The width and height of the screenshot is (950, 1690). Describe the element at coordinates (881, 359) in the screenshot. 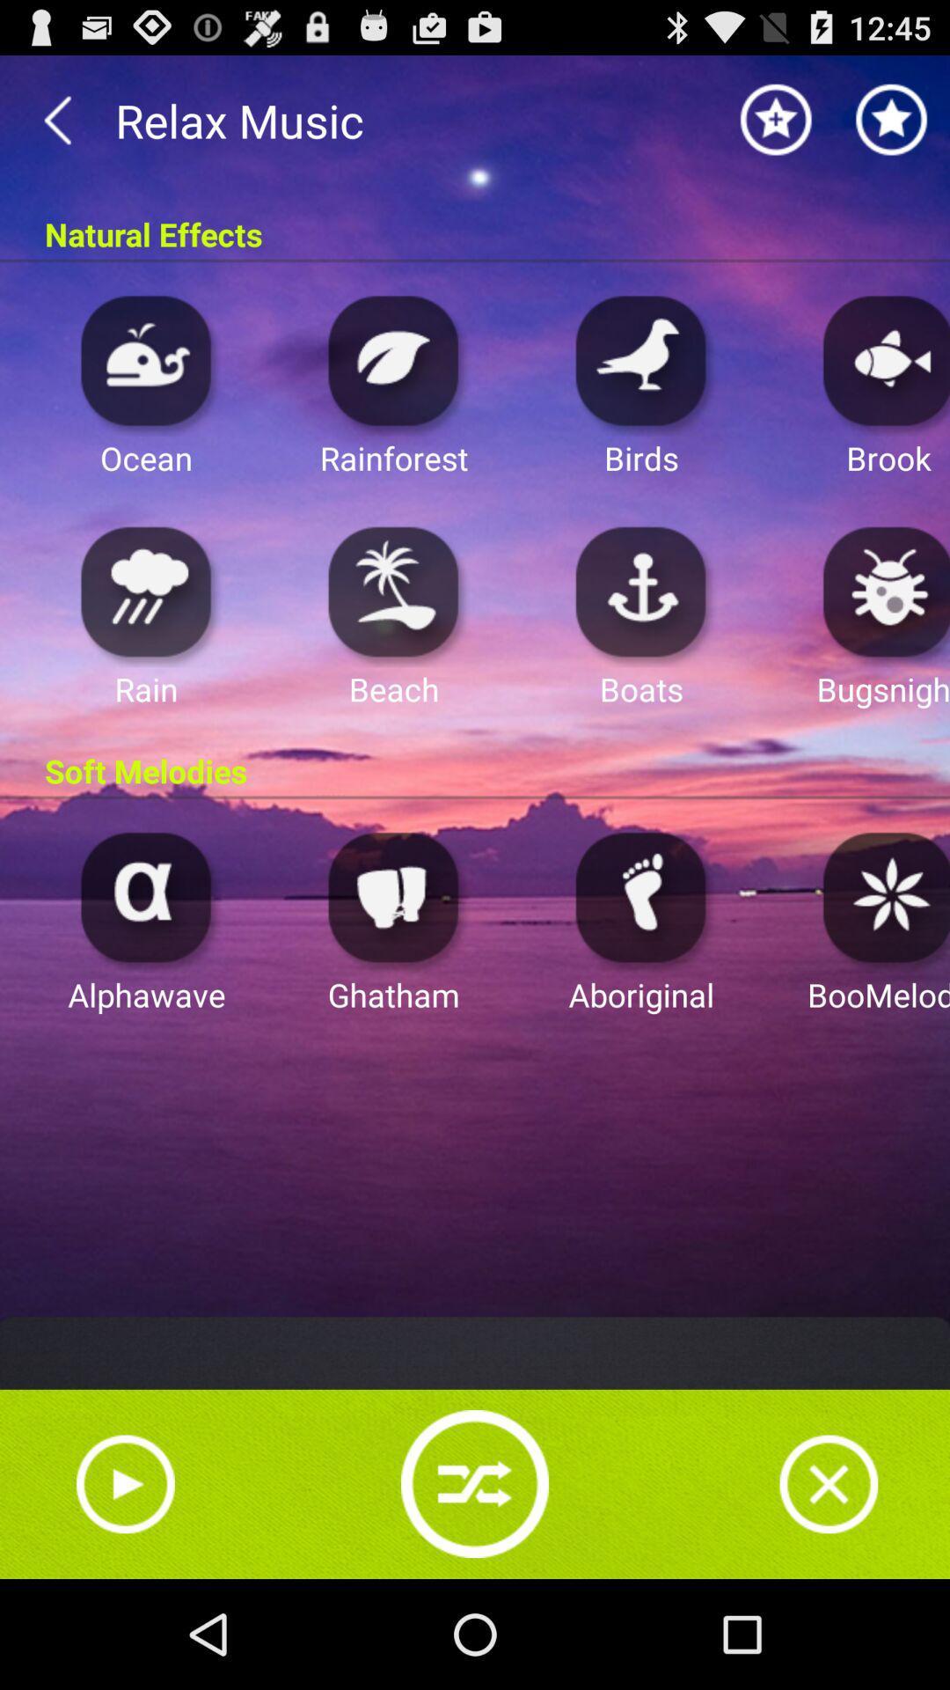

I see `open app` at that location.